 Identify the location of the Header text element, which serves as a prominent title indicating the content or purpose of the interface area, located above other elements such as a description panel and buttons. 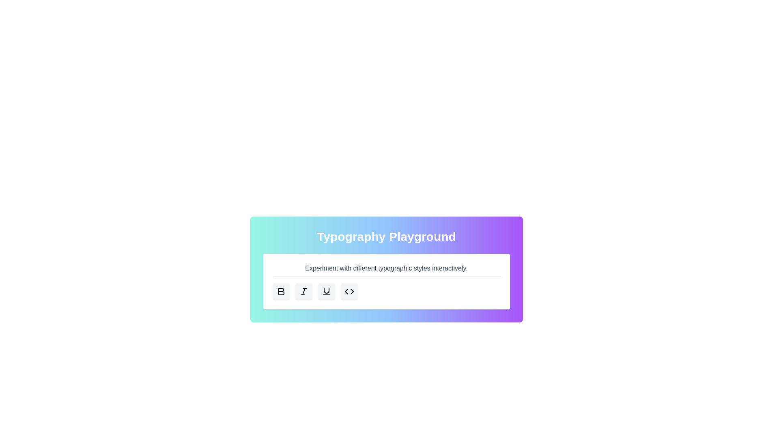
(386, 236).